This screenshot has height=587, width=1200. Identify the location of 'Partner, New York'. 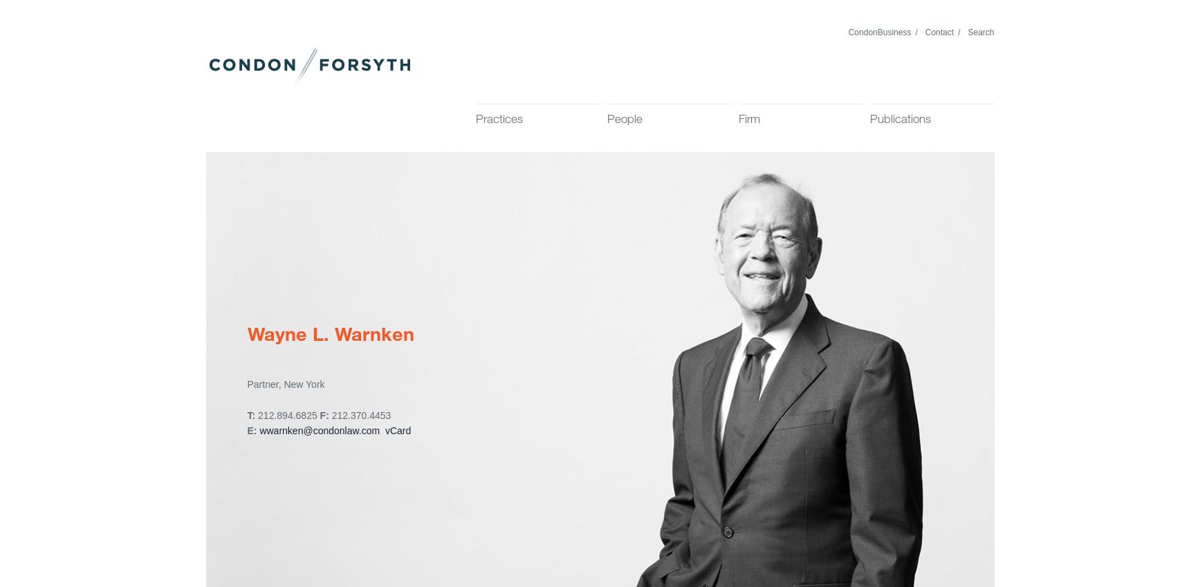
(285, 384).